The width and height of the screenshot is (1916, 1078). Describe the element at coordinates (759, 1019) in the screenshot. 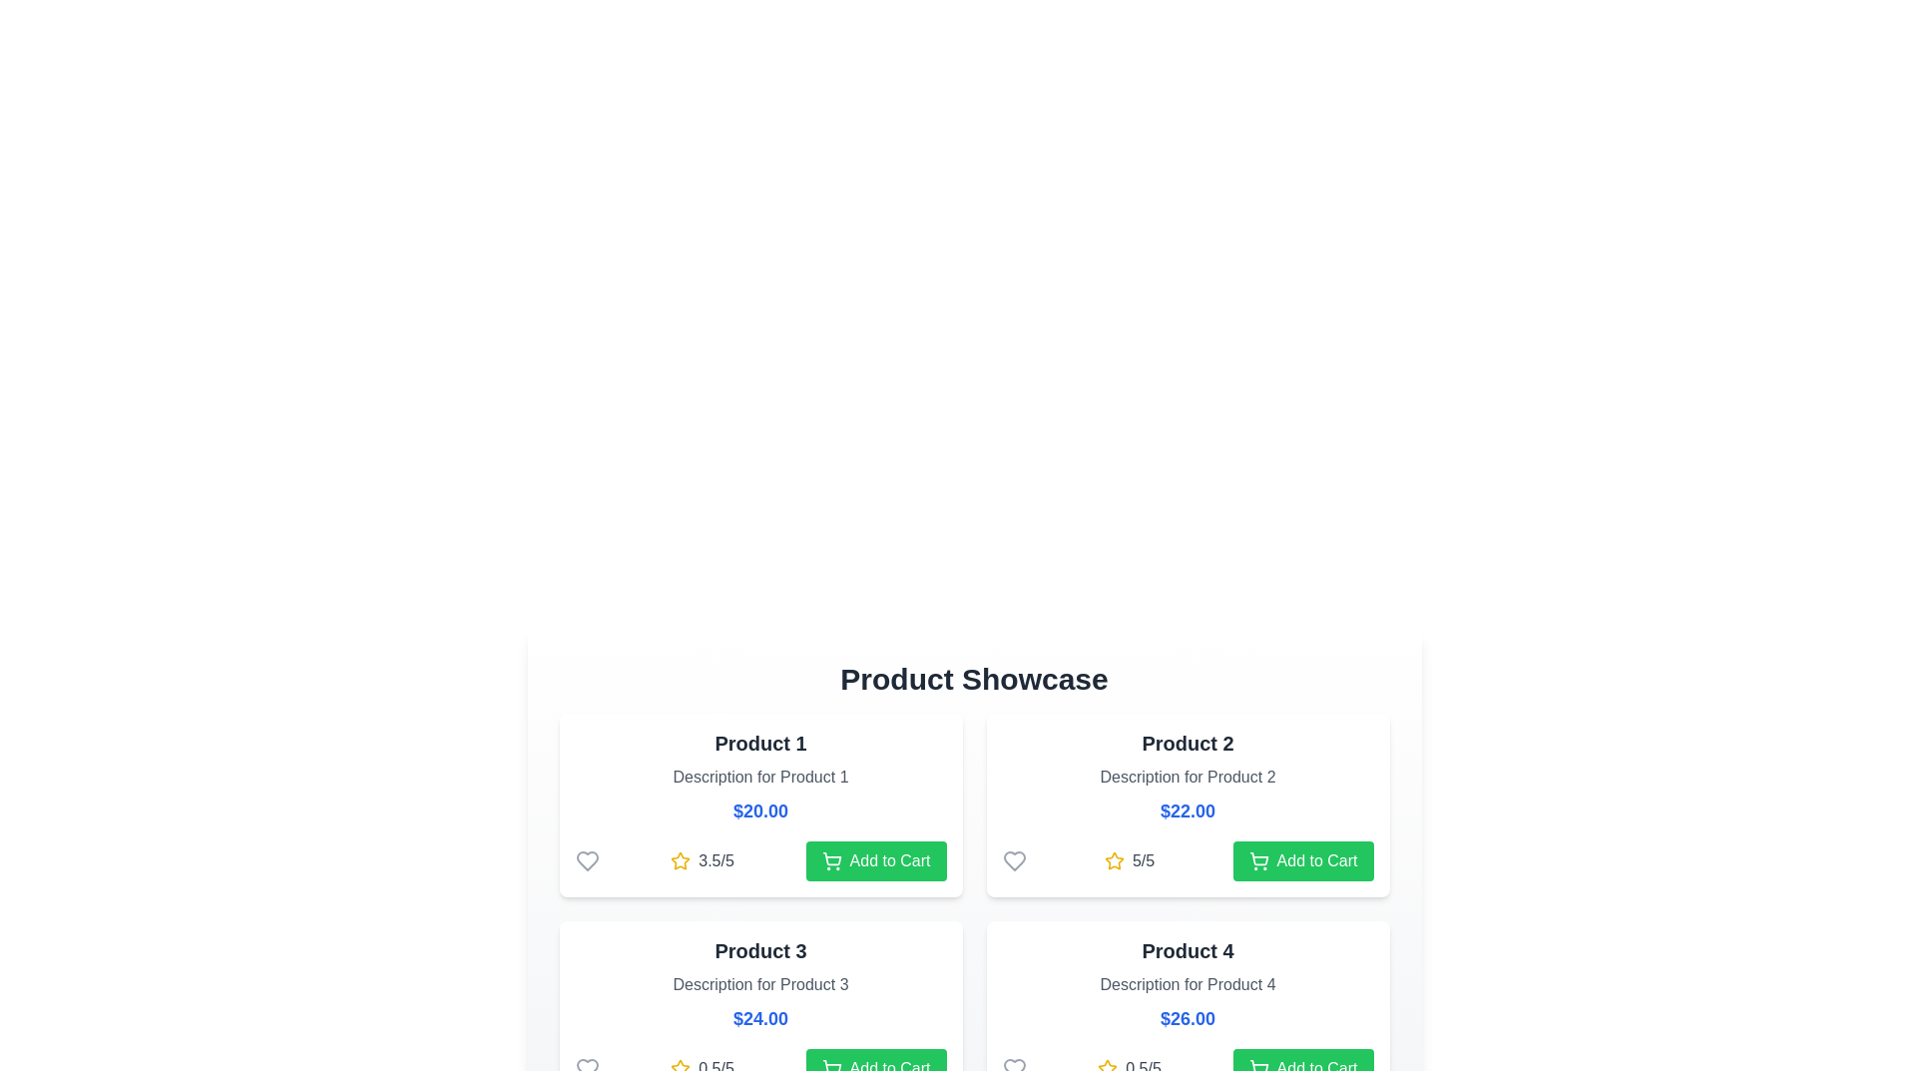

I see `the bold, blue-colored price label displaying '$24.00' located in the third product card, positioned below the product description` at that location.